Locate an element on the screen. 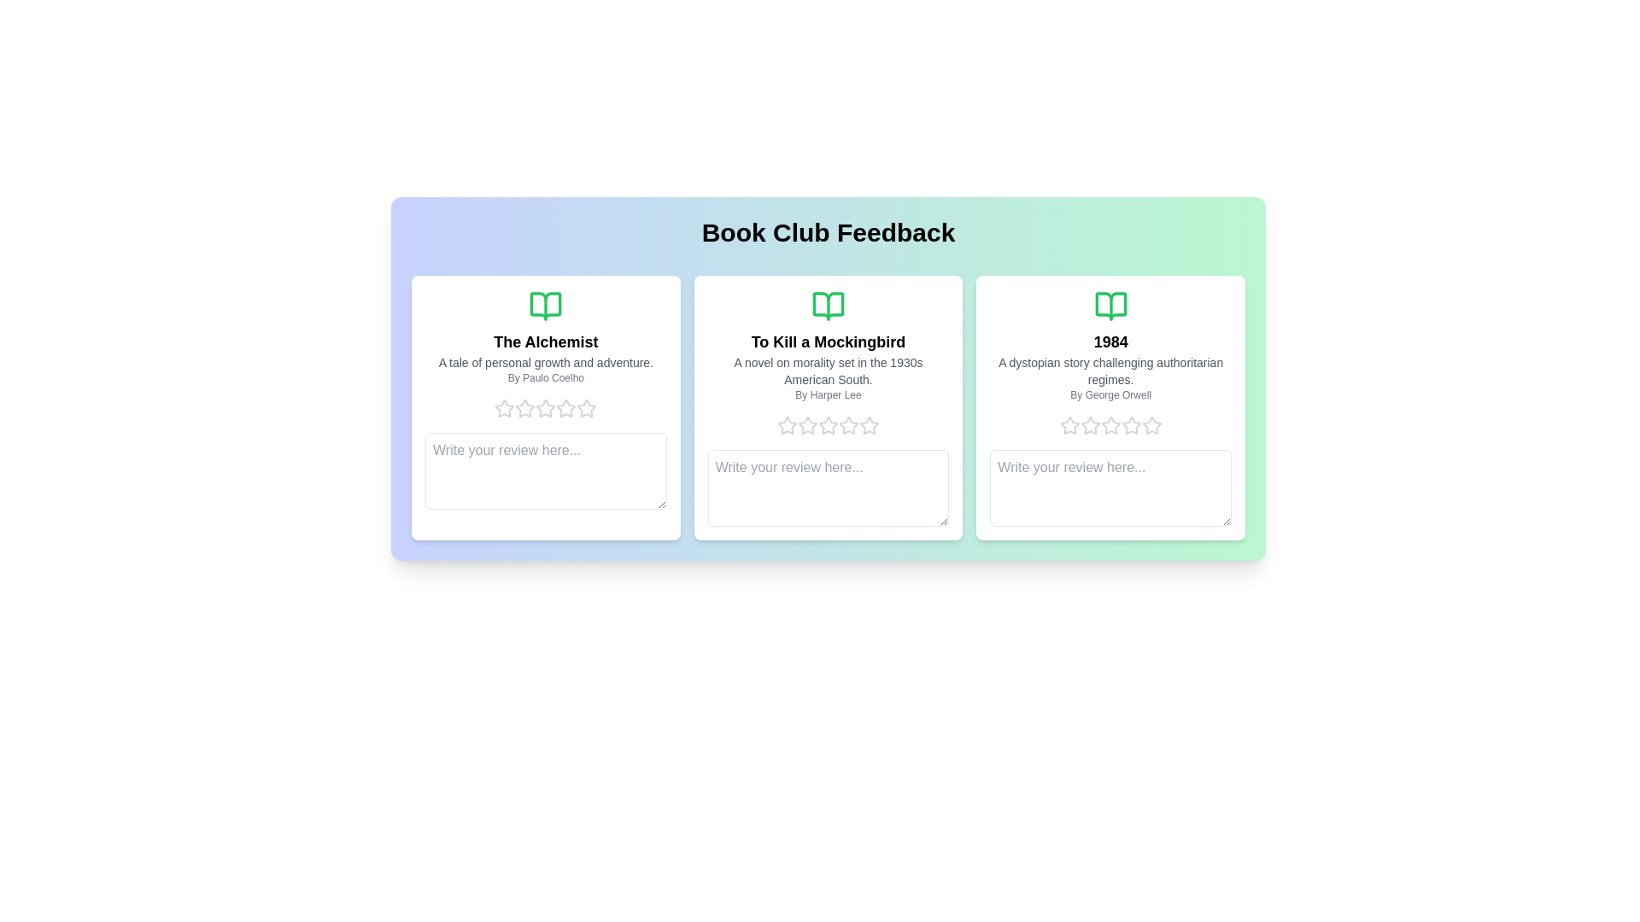 Image resolution: width=1640 pixels, height=922 pixels. the third star icon is located at coordinates (869, 424).